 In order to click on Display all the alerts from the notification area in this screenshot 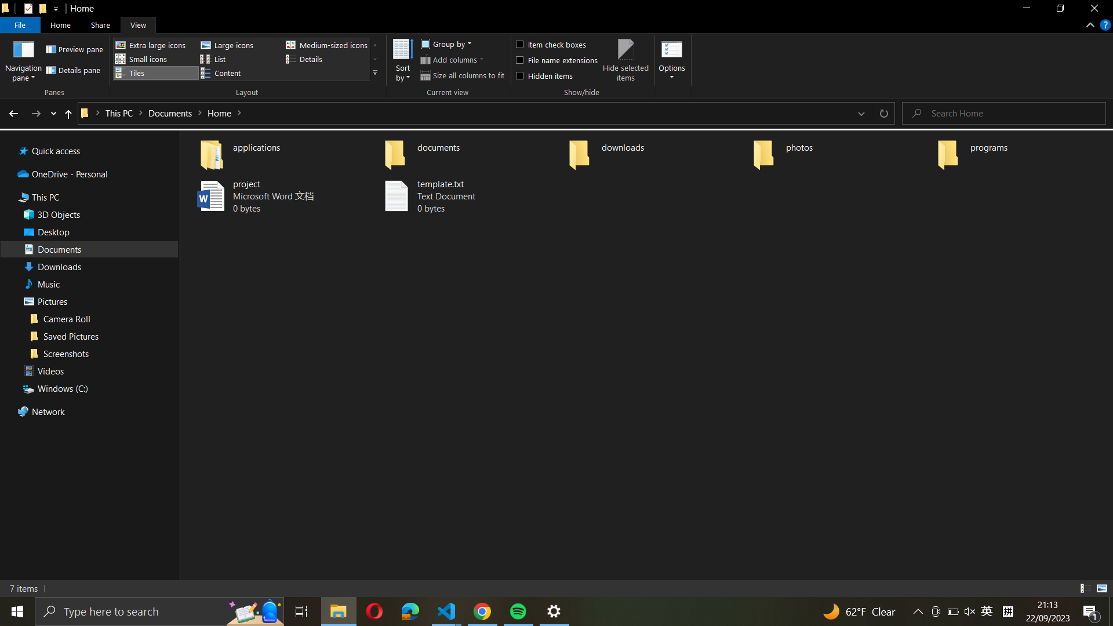, I will do `click(1091, 611)`.